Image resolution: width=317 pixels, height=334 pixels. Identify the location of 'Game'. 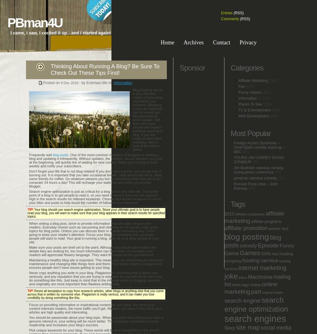
(231, 253).